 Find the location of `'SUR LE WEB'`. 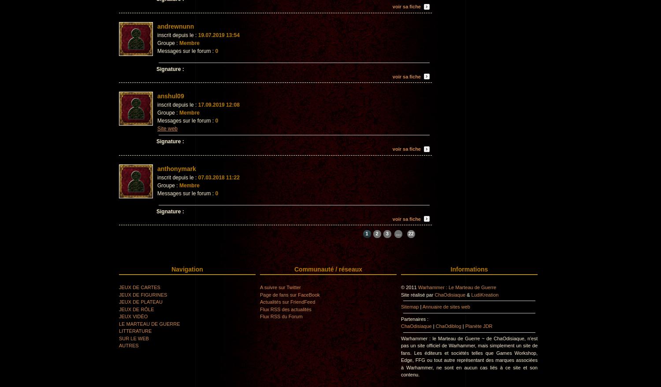

'SUR LE WEB' is located at coordinates (134, 338).